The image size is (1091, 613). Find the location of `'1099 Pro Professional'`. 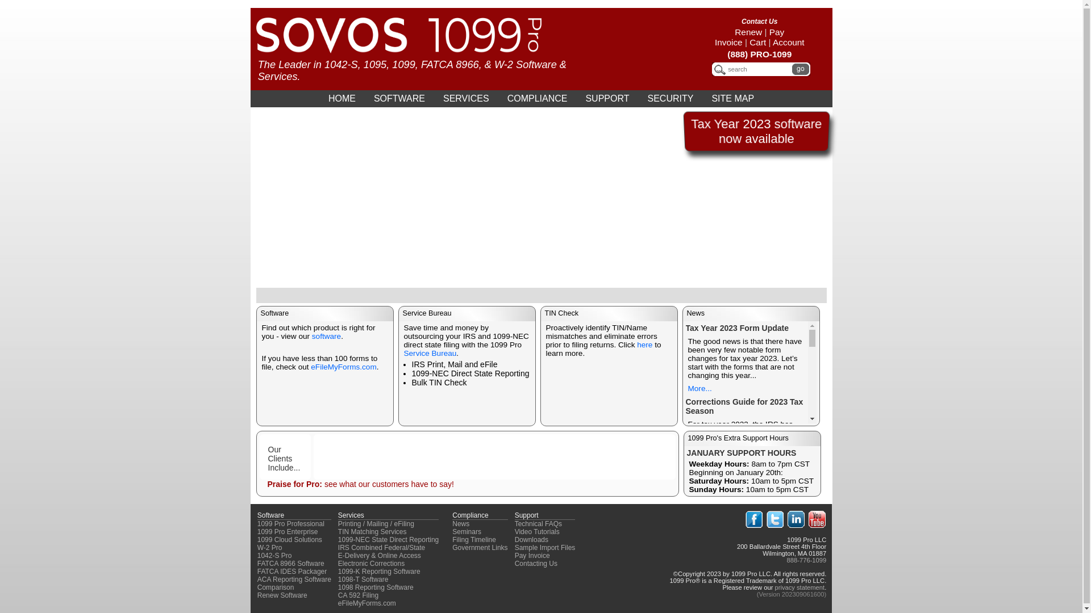

'1099 Pro Professional' is located at coordinates (291, 523).